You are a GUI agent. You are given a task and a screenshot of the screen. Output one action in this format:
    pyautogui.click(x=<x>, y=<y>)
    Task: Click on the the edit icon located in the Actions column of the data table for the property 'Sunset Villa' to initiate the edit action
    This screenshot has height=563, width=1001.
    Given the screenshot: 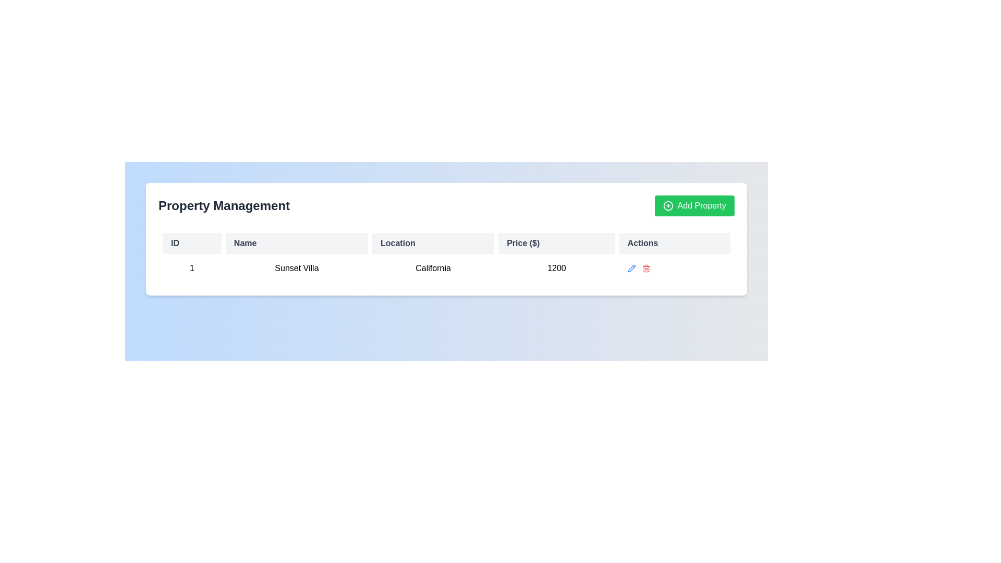 What is the action you would take?
    pyautogui.click(x=631, y=268)
    